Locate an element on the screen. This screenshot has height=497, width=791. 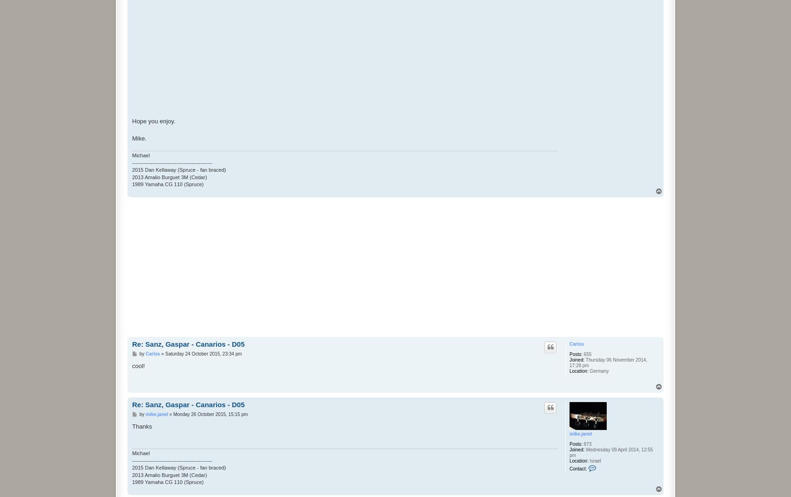
'Saturday 24 October 2015, 23:34 pm' is located at coordinates (203, 353).